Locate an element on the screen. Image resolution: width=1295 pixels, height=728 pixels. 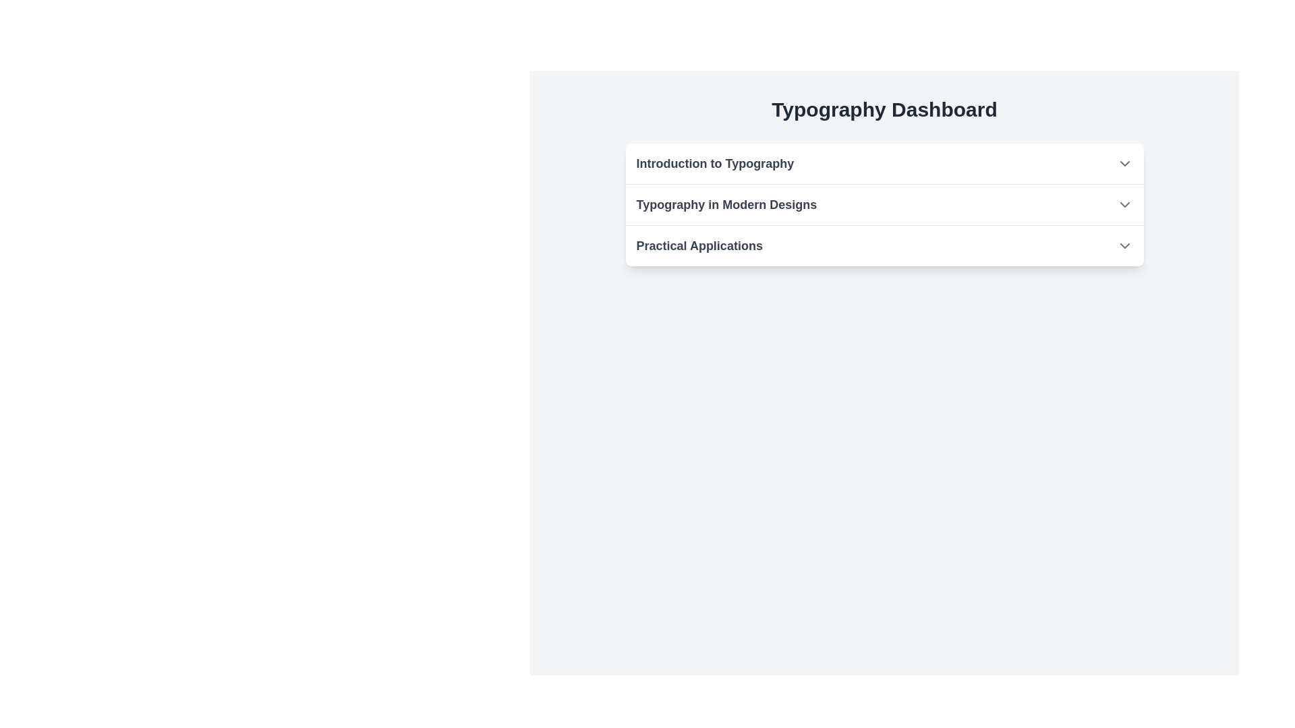
the chevron icon next to the 'Introduction to Typography' text is located at coordinates (1124, 163).